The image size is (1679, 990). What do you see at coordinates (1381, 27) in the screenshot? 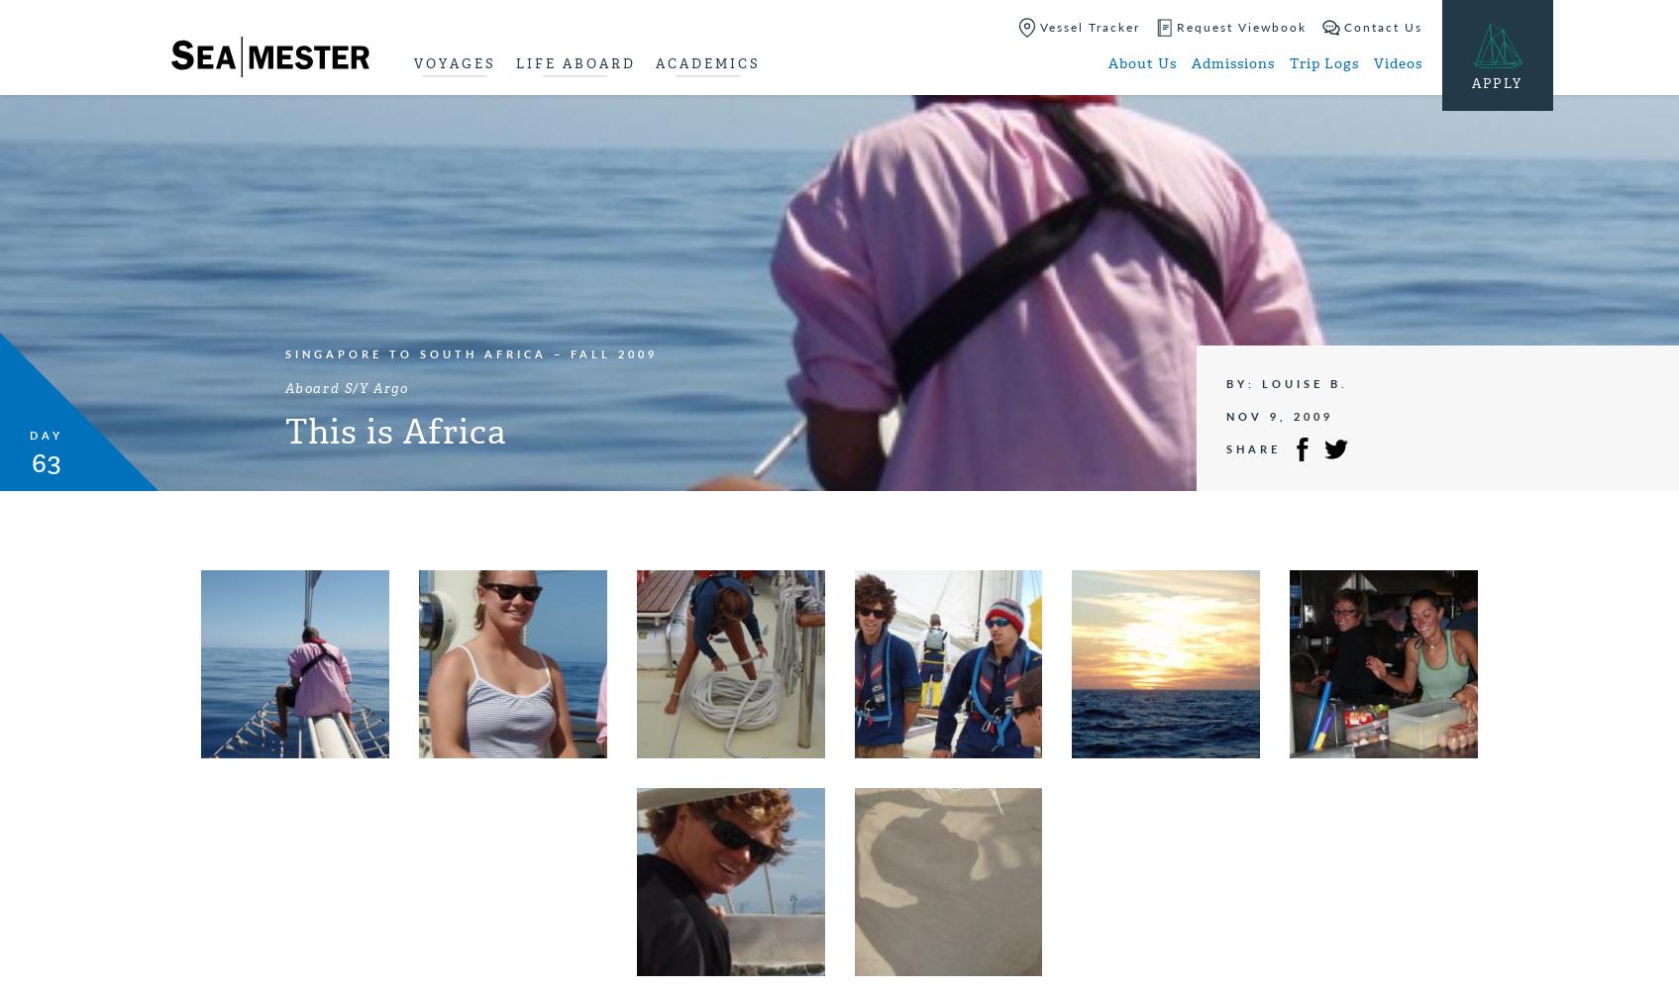
I see `'Contact Us'` at bounding box center [1381, 27].